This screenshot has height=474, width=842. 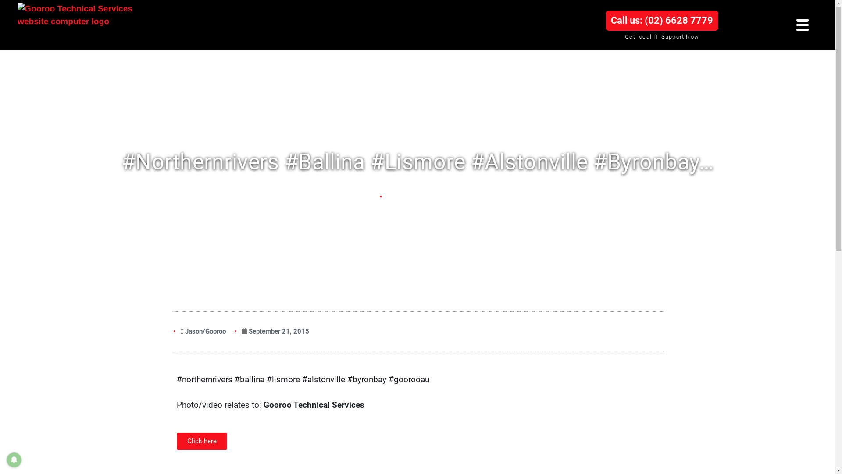 What do you see at coordinates (605, 20) in the screenshot?
I see `'Call us: (02) 6628 7779'` at bounding box center [605, 20].